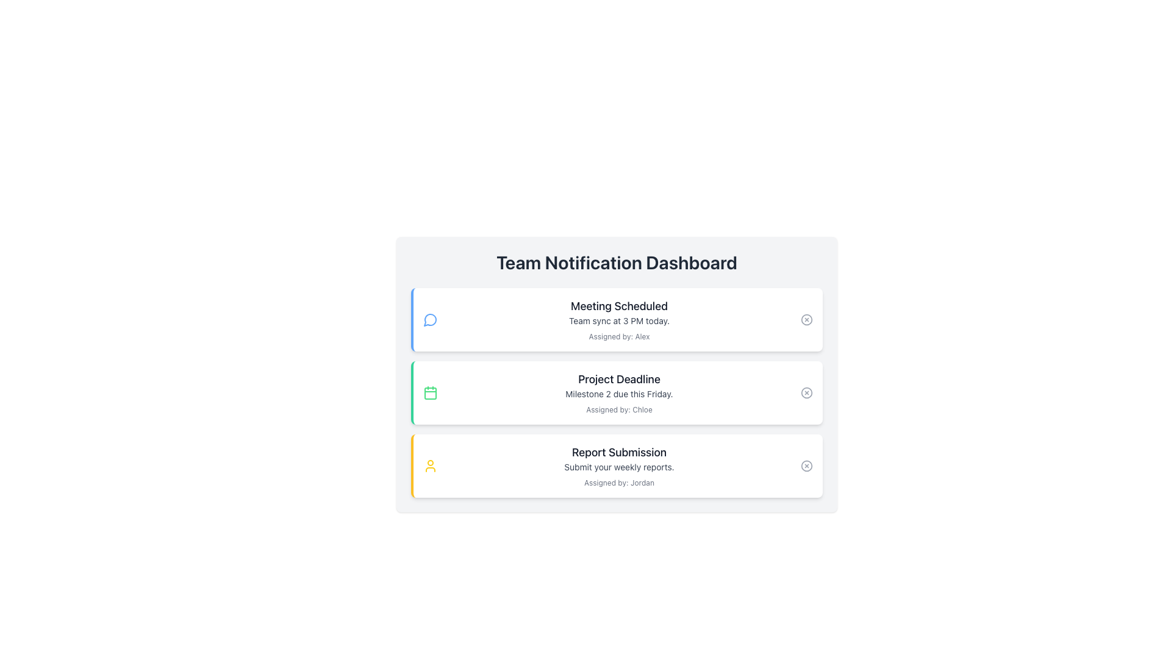 Image resolution: width=1171 pixels, height=658 pixels. I want to click on the text label that reads 'Assigned by: Jordan', which is styled in gray and located beneath the description in the 'Report Submission' card, so click(619, 483).